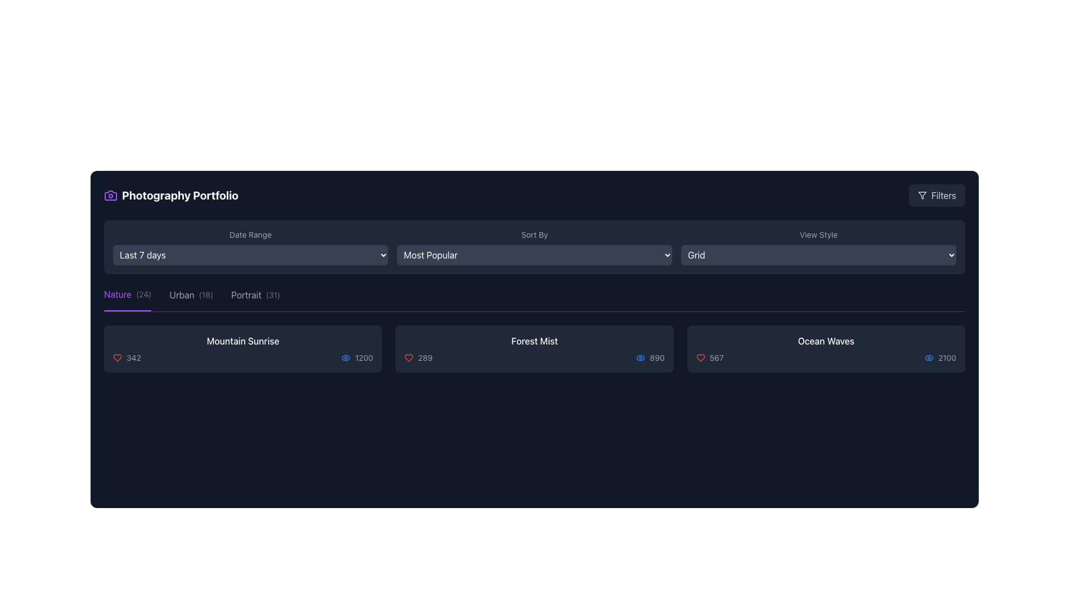 The width and height of the screenshot is (1080, 607). What do you see at coordinates (250, 255) in the screenshot?
I see `the dropdown menu displaying date range options ('Last 7 days', 'Last 30 days', 'All time')` at bounding box center [250, 255].